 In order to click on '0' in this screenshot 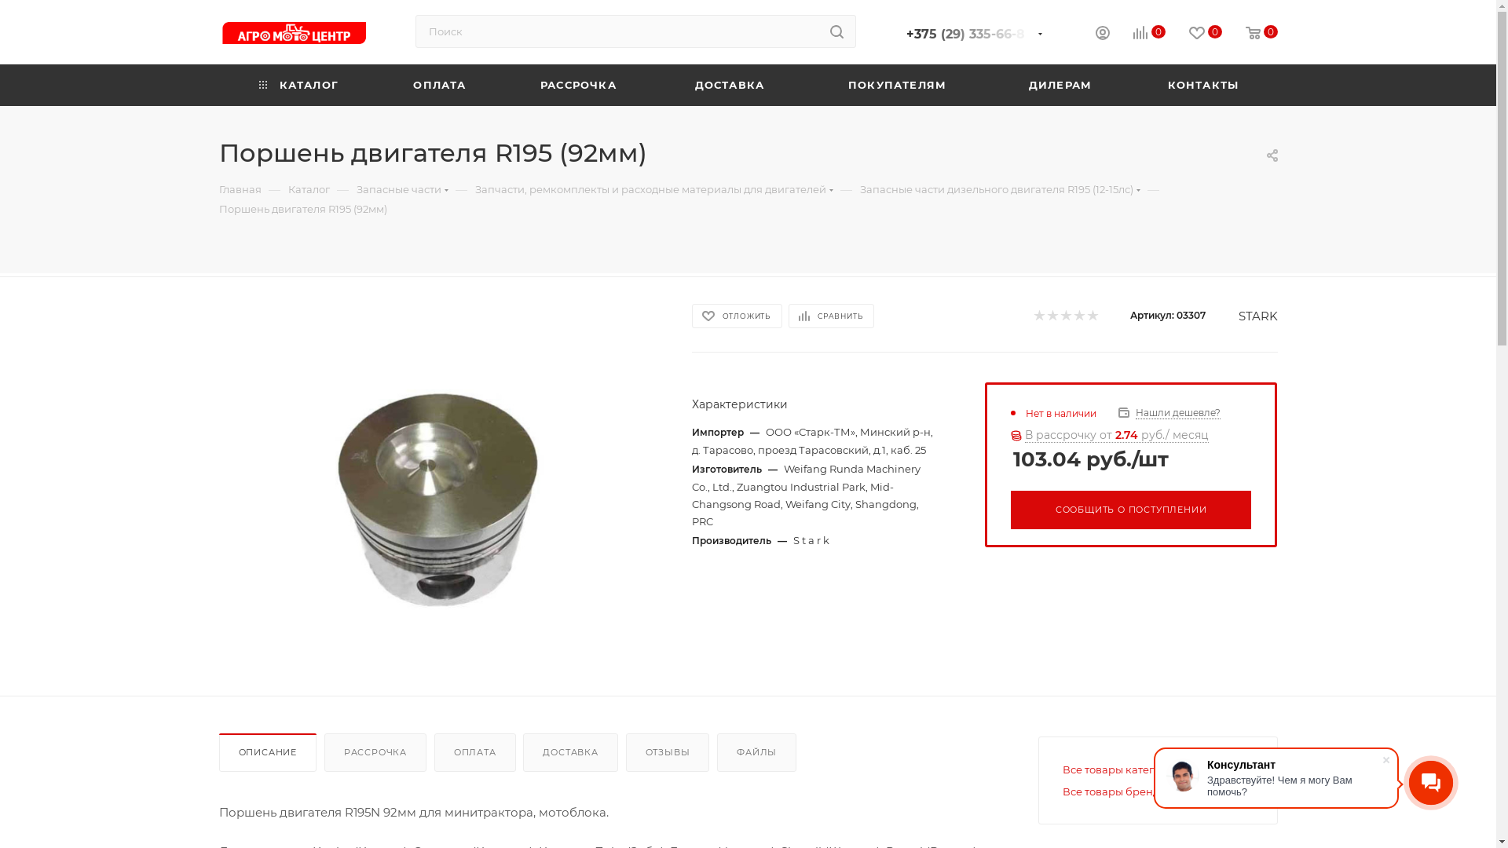, I will do `click(1136, 33)`.